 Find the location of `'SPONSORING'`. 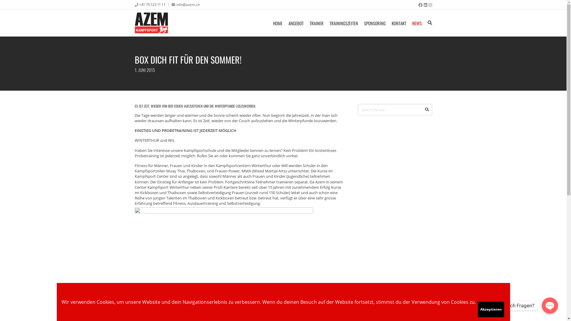

'SPONSORING' is located at coordinates (374, 23).